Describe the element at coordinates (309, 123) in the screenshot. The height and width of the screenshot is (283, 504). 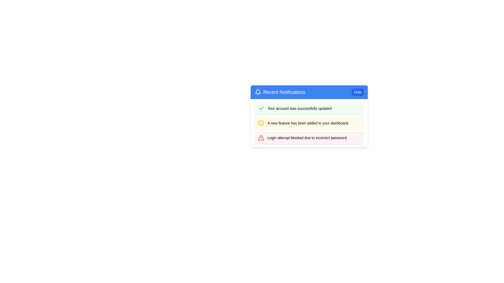
I see `the informational notification box that informs the user about a newly added feature in their dashboard, located between the green success message and the red error alert` at that location.